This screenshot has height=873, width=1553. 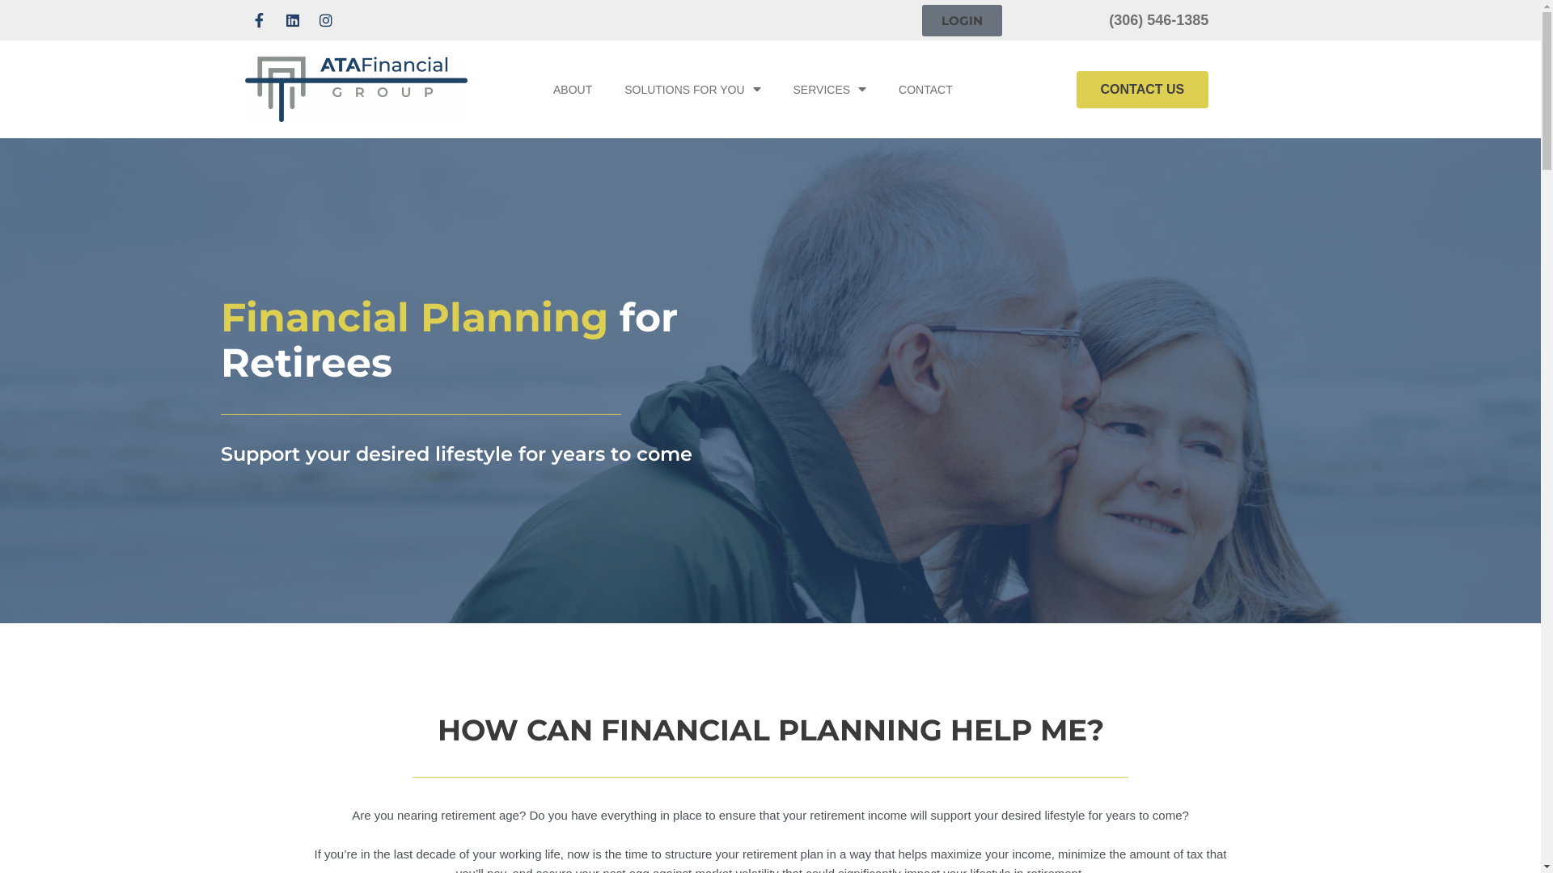 What do you see at coordinates (1141, 90) in the screenshot?
I see `'CONTACT US'` at bounding box center [1141, 90].